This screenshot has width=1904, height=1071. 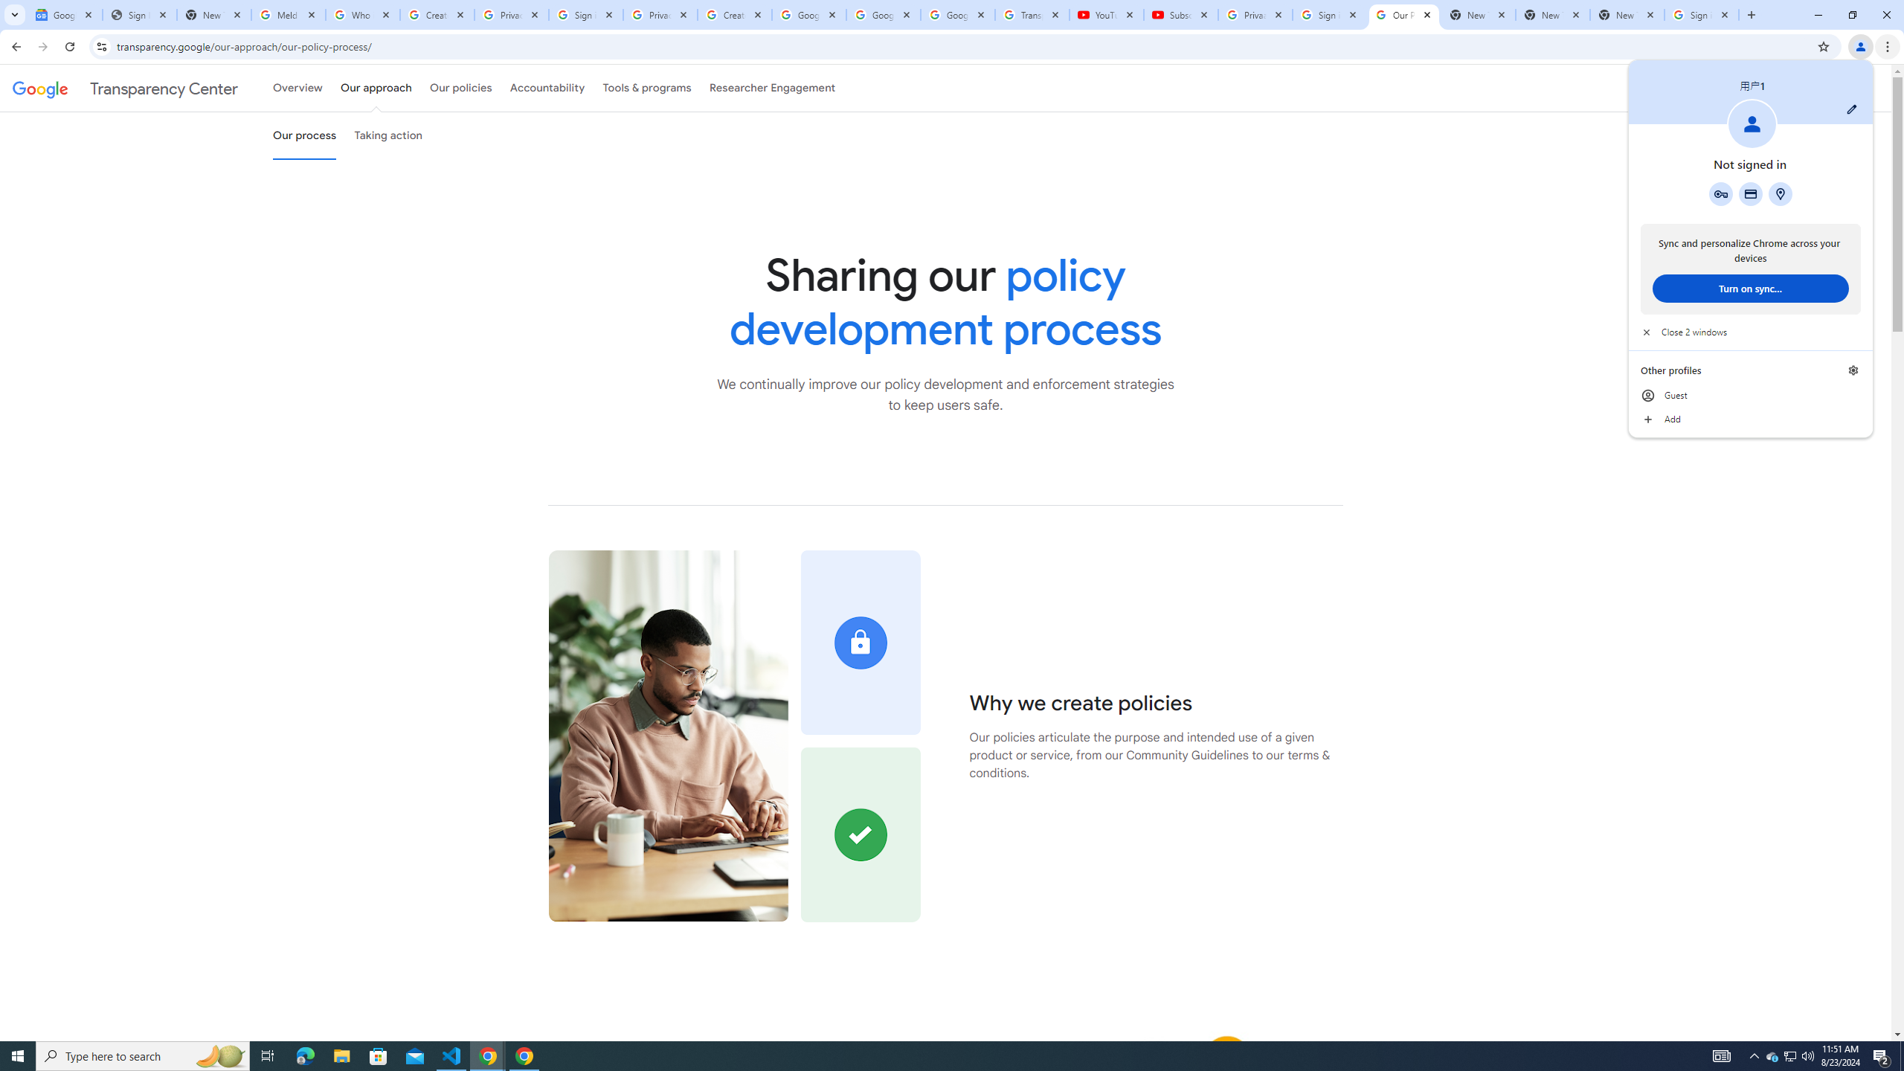 I want to click on 'Transparency Center', so click(x=124, y=88).